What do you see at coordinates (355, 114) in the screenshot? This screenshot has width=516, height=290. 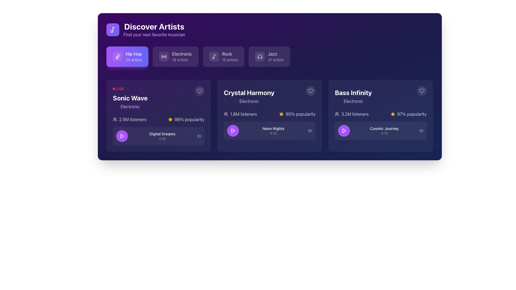 I see `the text label displaying the number of listeners for 'Bass Infinity', located next to the user icon and above the 'Cosmic Journey' song details` at bounding box center [355, 114].